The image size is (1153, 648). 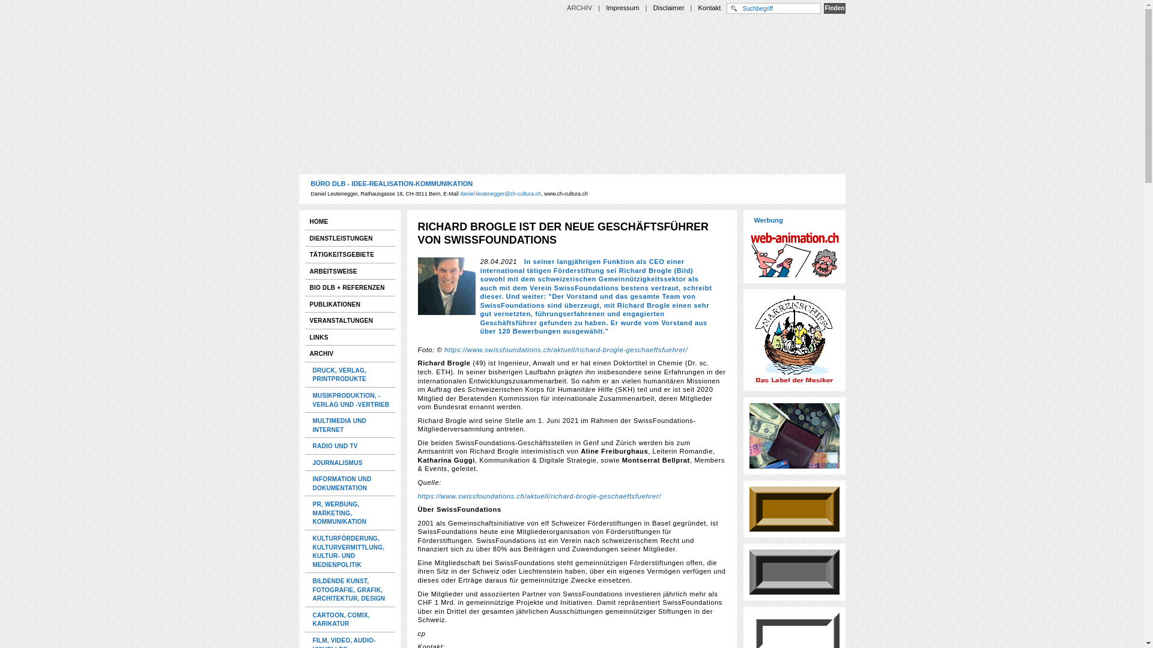 I want to click on 'Impressum', so click(x=622, y=7).